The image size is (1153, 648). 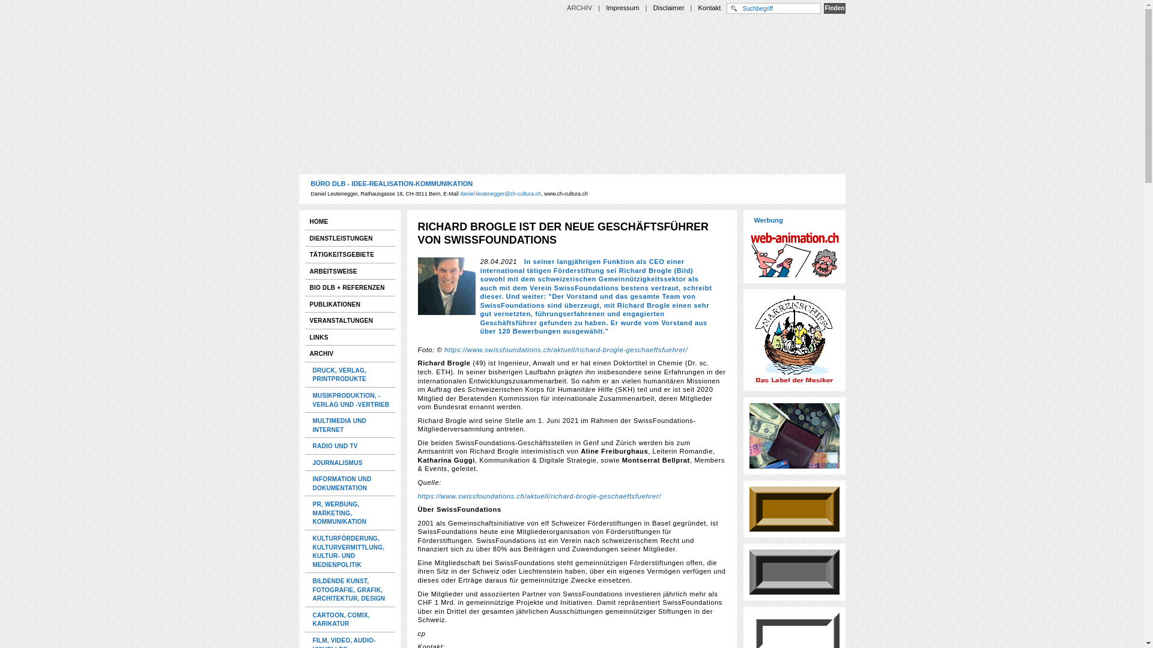 I want to click on 'Impressum', so click(x=622, y=7).